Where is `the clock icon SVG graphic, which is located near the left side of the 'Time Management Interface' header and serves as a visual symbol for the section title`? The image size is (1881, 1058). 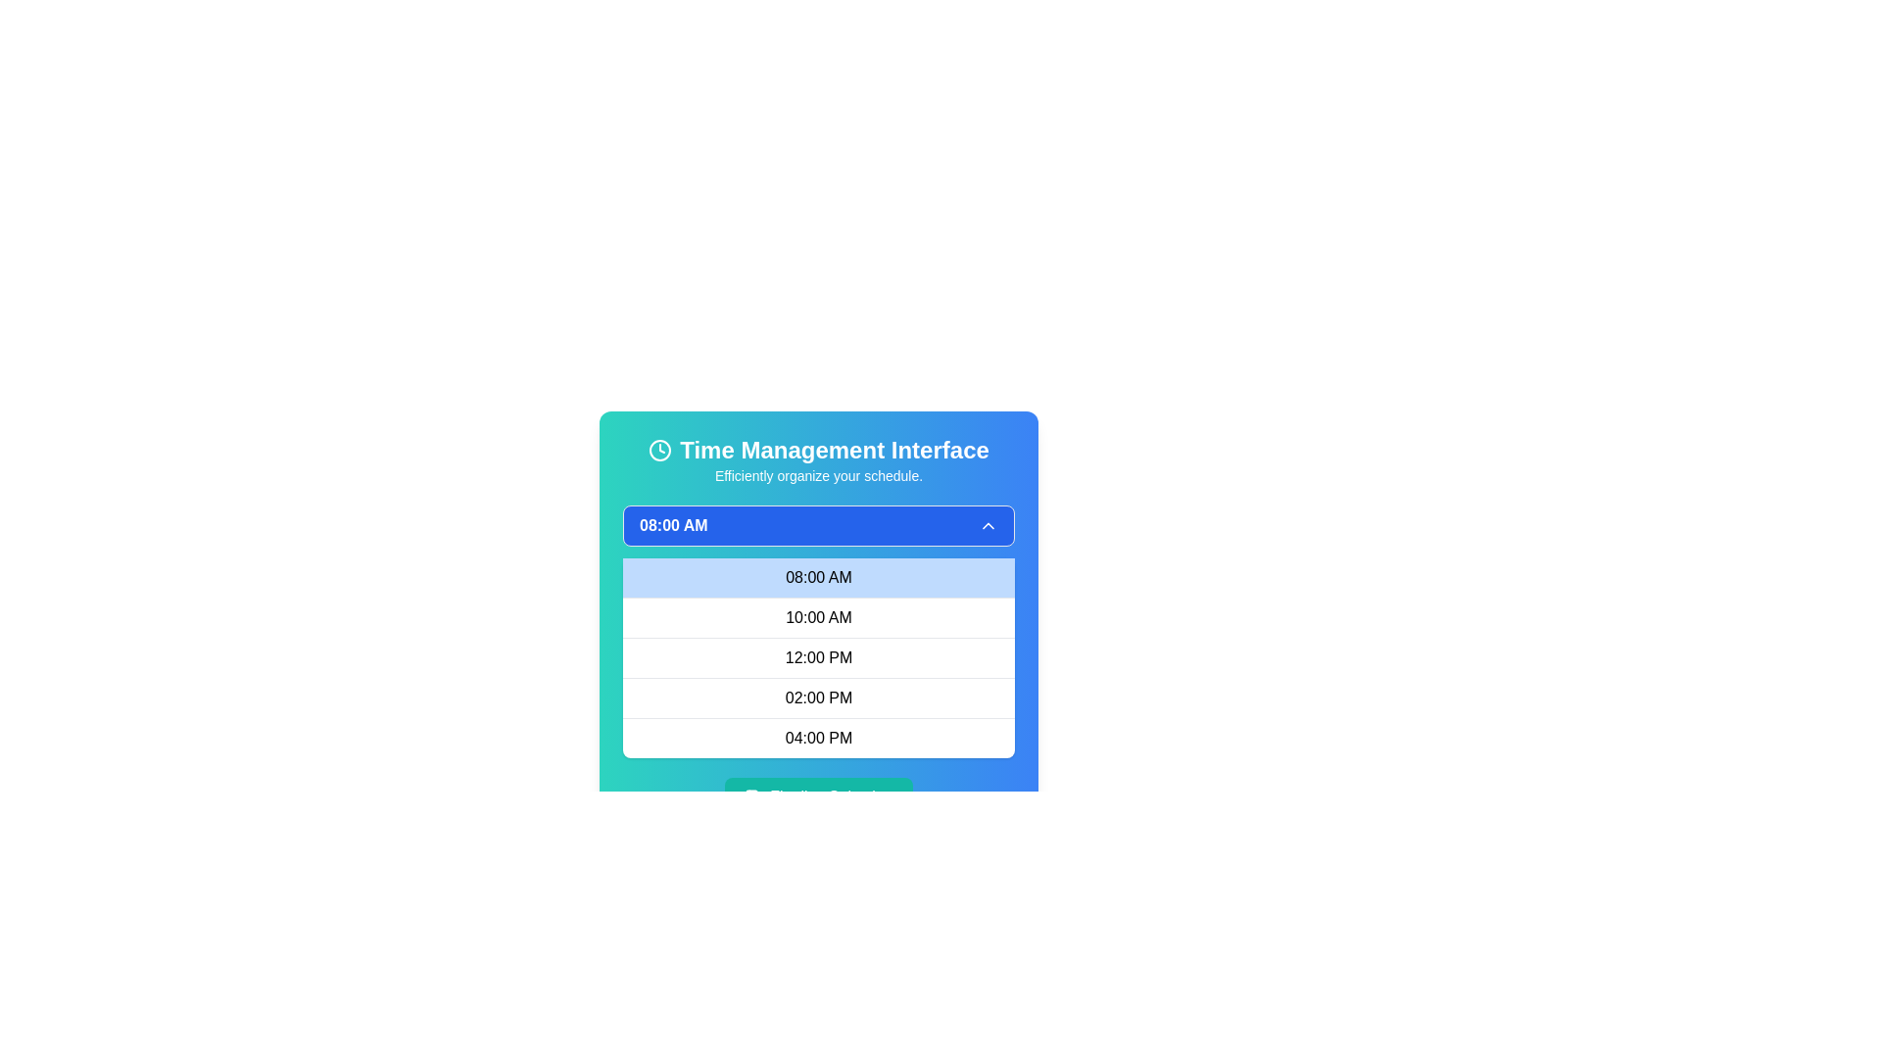
the clock icon SVG graphic, which is located near the left side of the 'Time Management Interface' header and serves as a visual symbol for the section title is located at coordinates (660, 450).